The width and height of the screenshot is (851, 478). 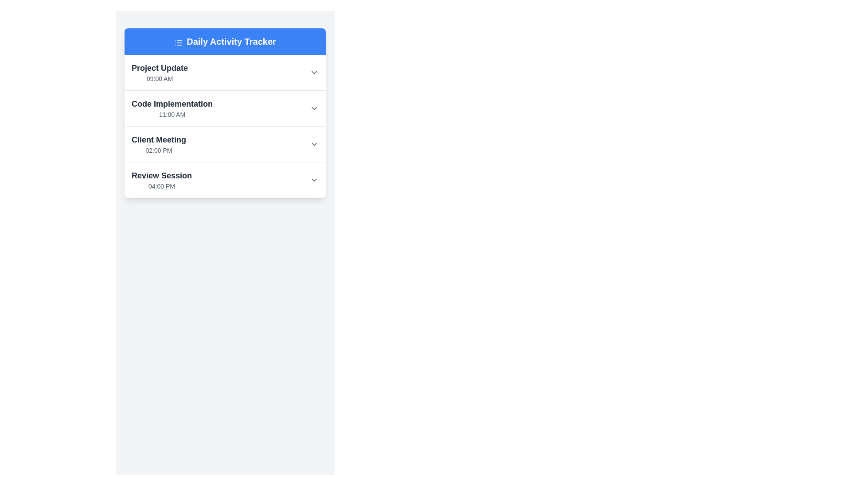 I want to click on the dropdown icon at the far right of the 'Review Session' entry, so click(x=314, y=180).